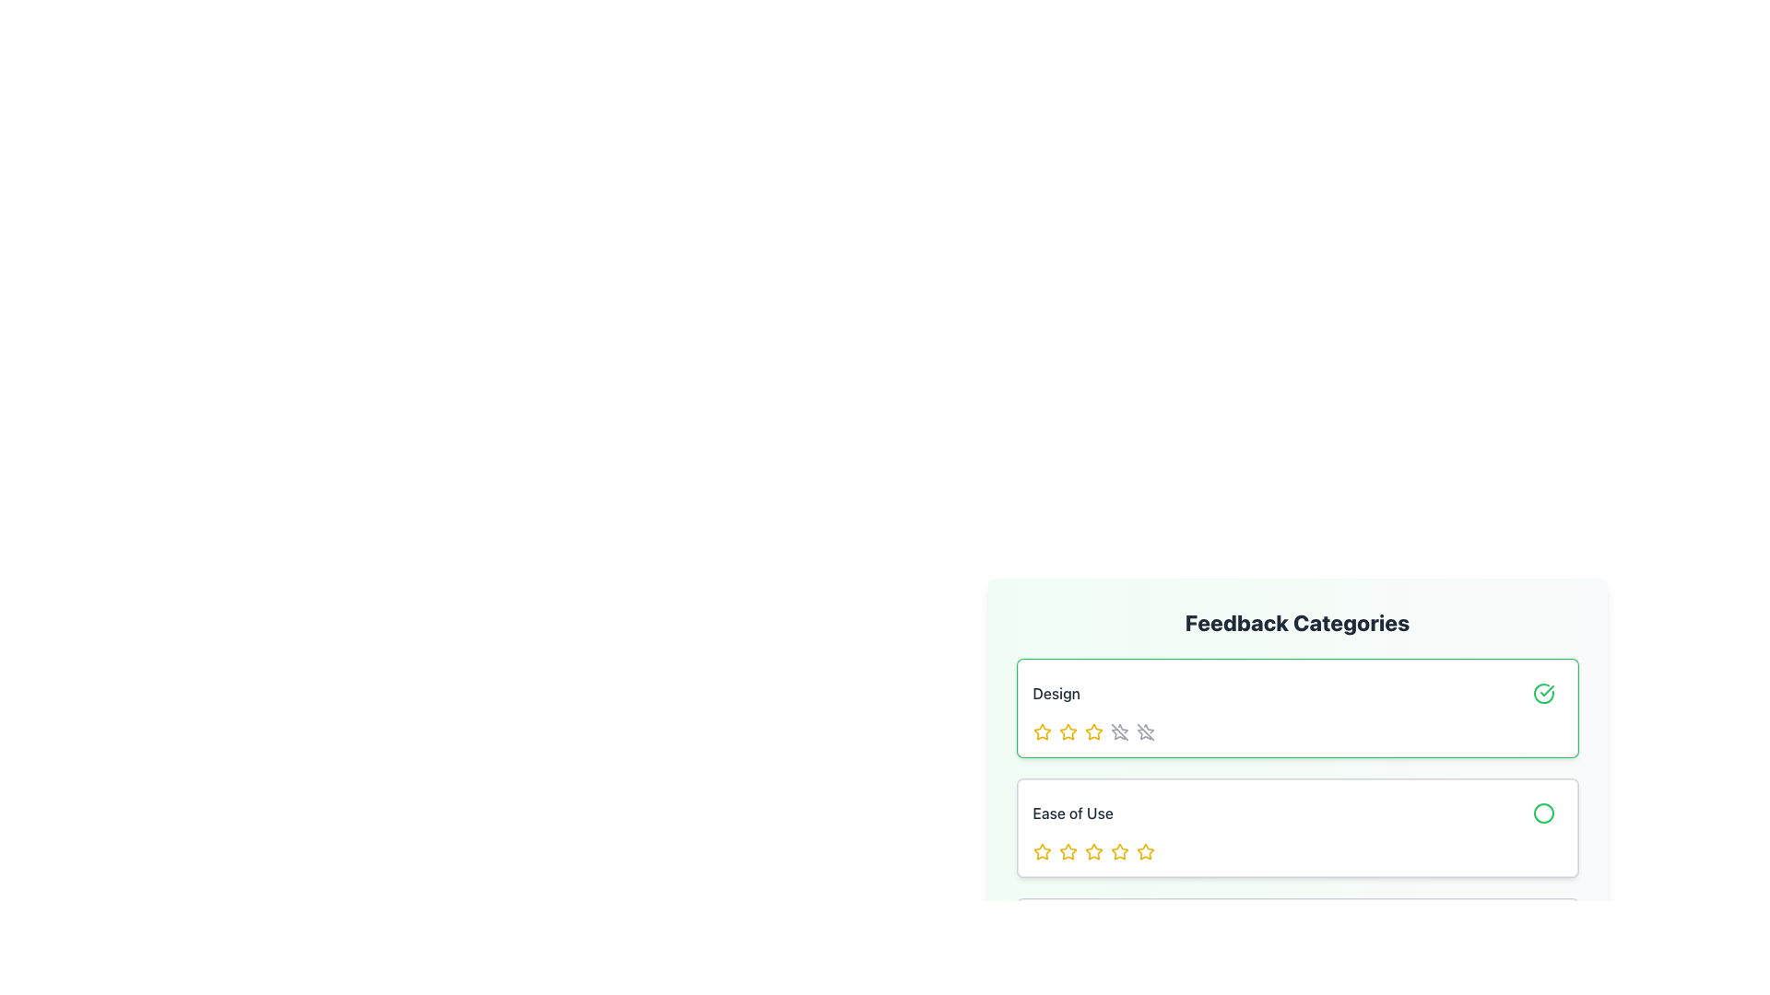 The height and width of the screenshot is (995, 1770). Describe the element at coordinates (1144, 851) in the screenshot. I see `the fifth star icon in the star-based rating system` at that location.